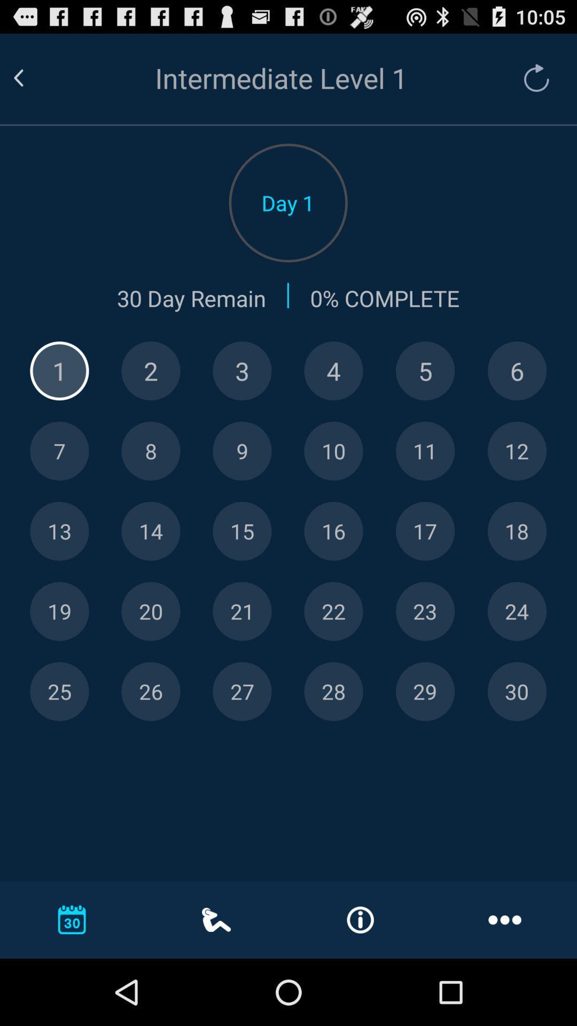  I want to click on date, so click(59, 691).